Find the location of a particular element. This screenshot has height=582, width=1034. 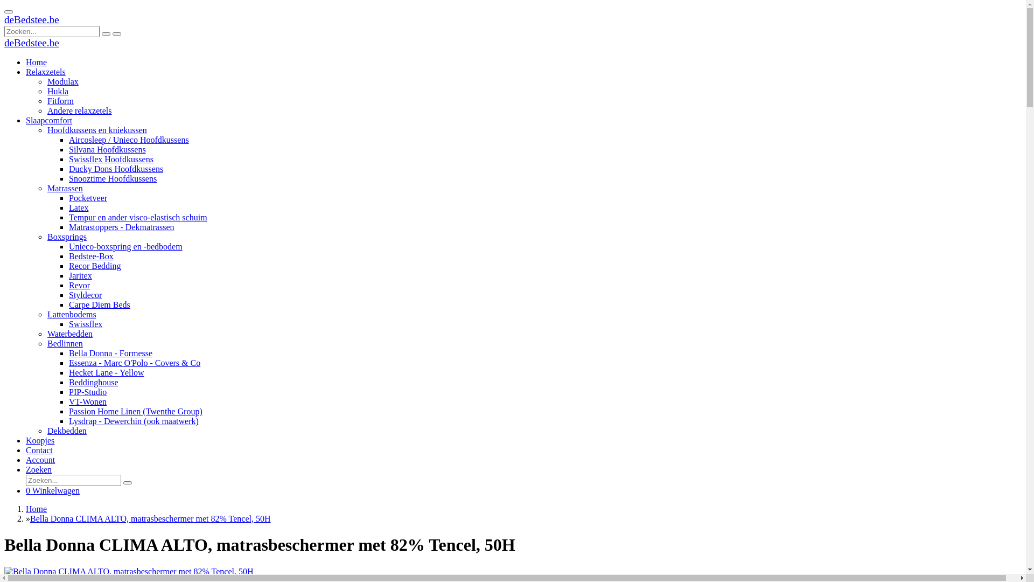

'Hoofdkussens en kniekussen' is located at coordinates (97, 129).